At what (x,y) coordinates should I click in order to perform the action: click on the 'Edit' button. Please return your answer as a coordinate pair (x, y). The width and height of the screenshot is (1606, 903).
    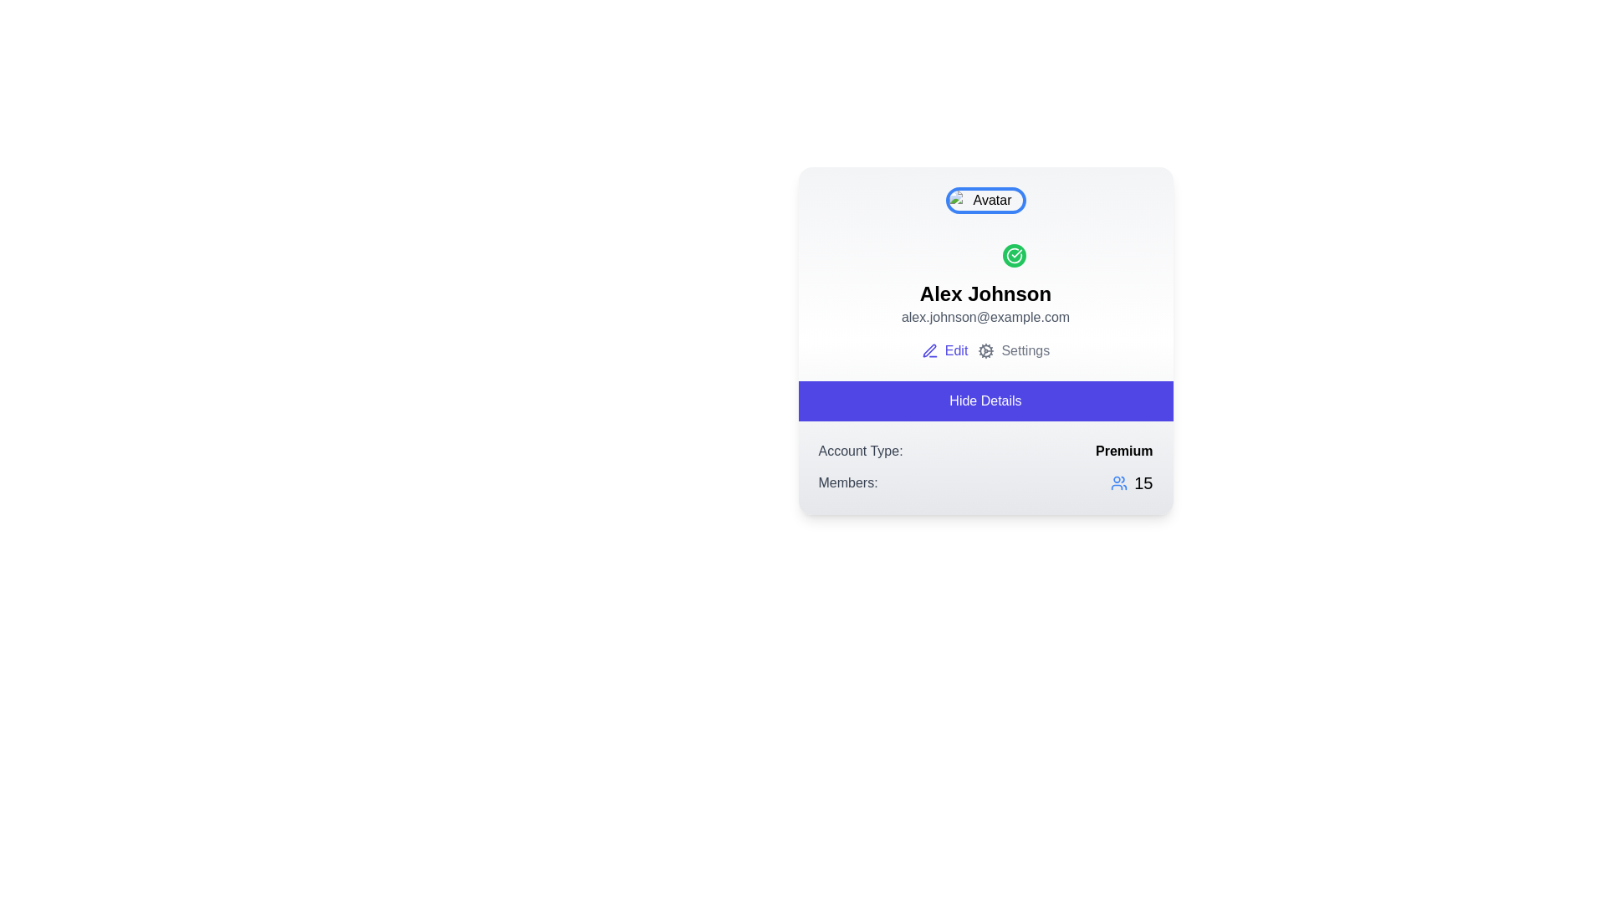
    Looking at the image, I should click on (944, 350).